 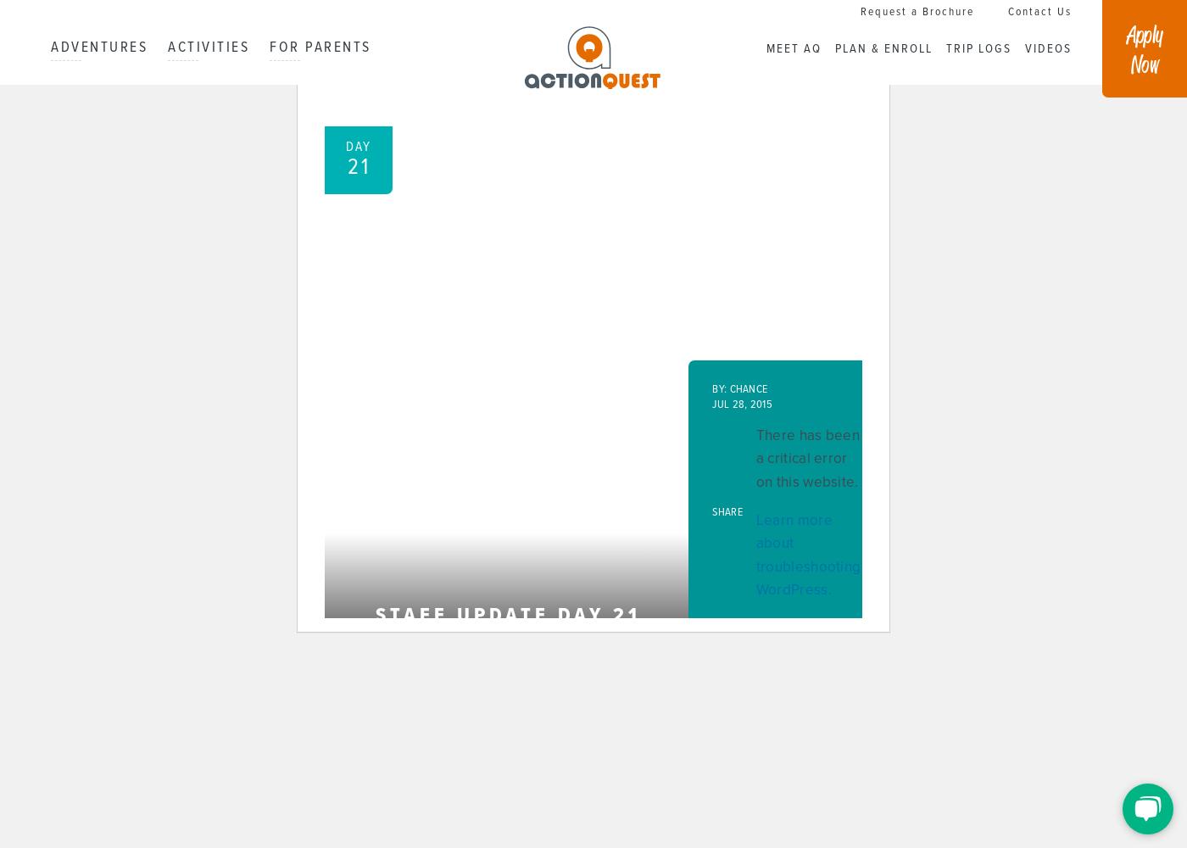 What do you see at coordinates (346, 167) in the screenshot?
I see `'21'` at bounding box center [346, 167].